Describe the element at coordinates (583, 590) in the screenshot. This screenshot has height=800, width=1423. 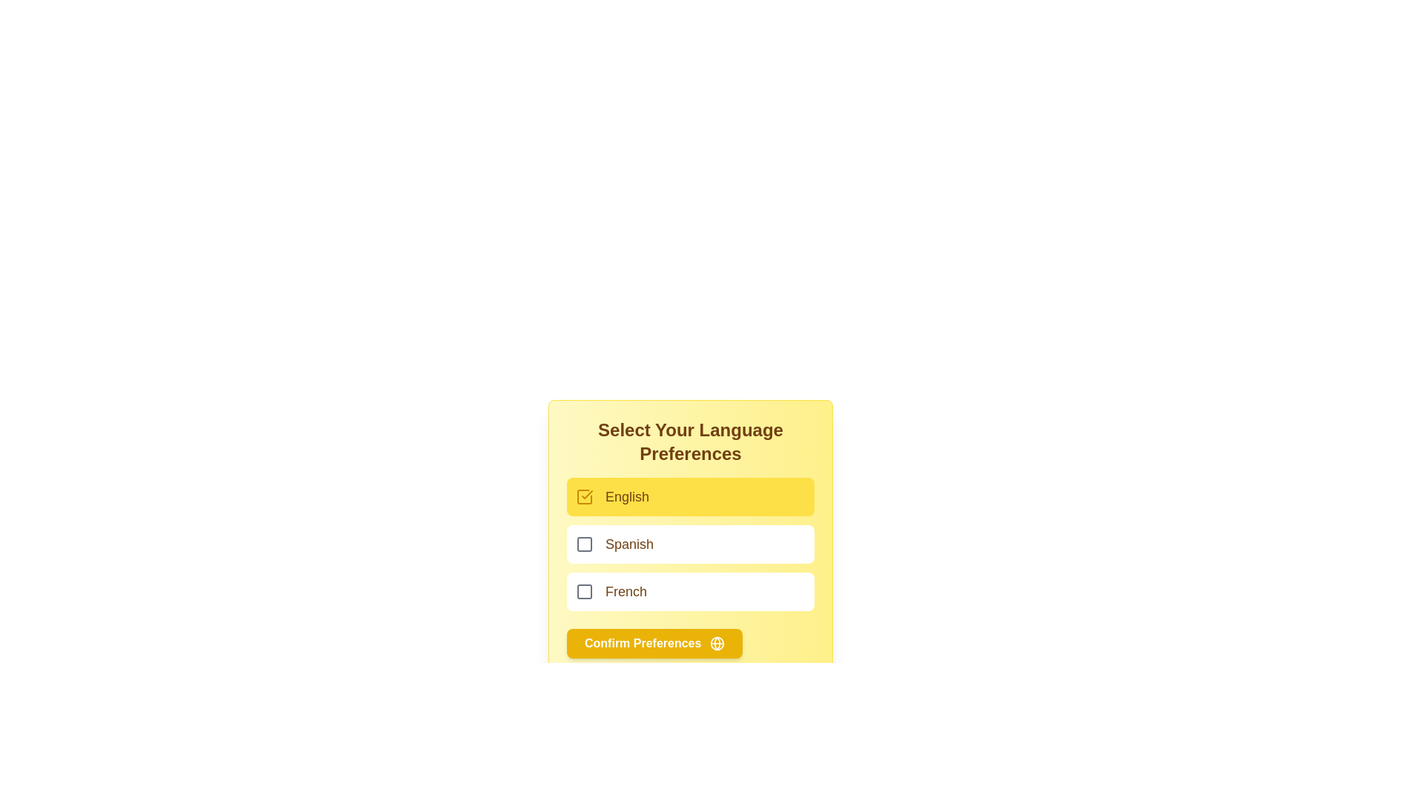
I see `the 'French' language checkbox located at the bottom section of the language selection list` at that location.